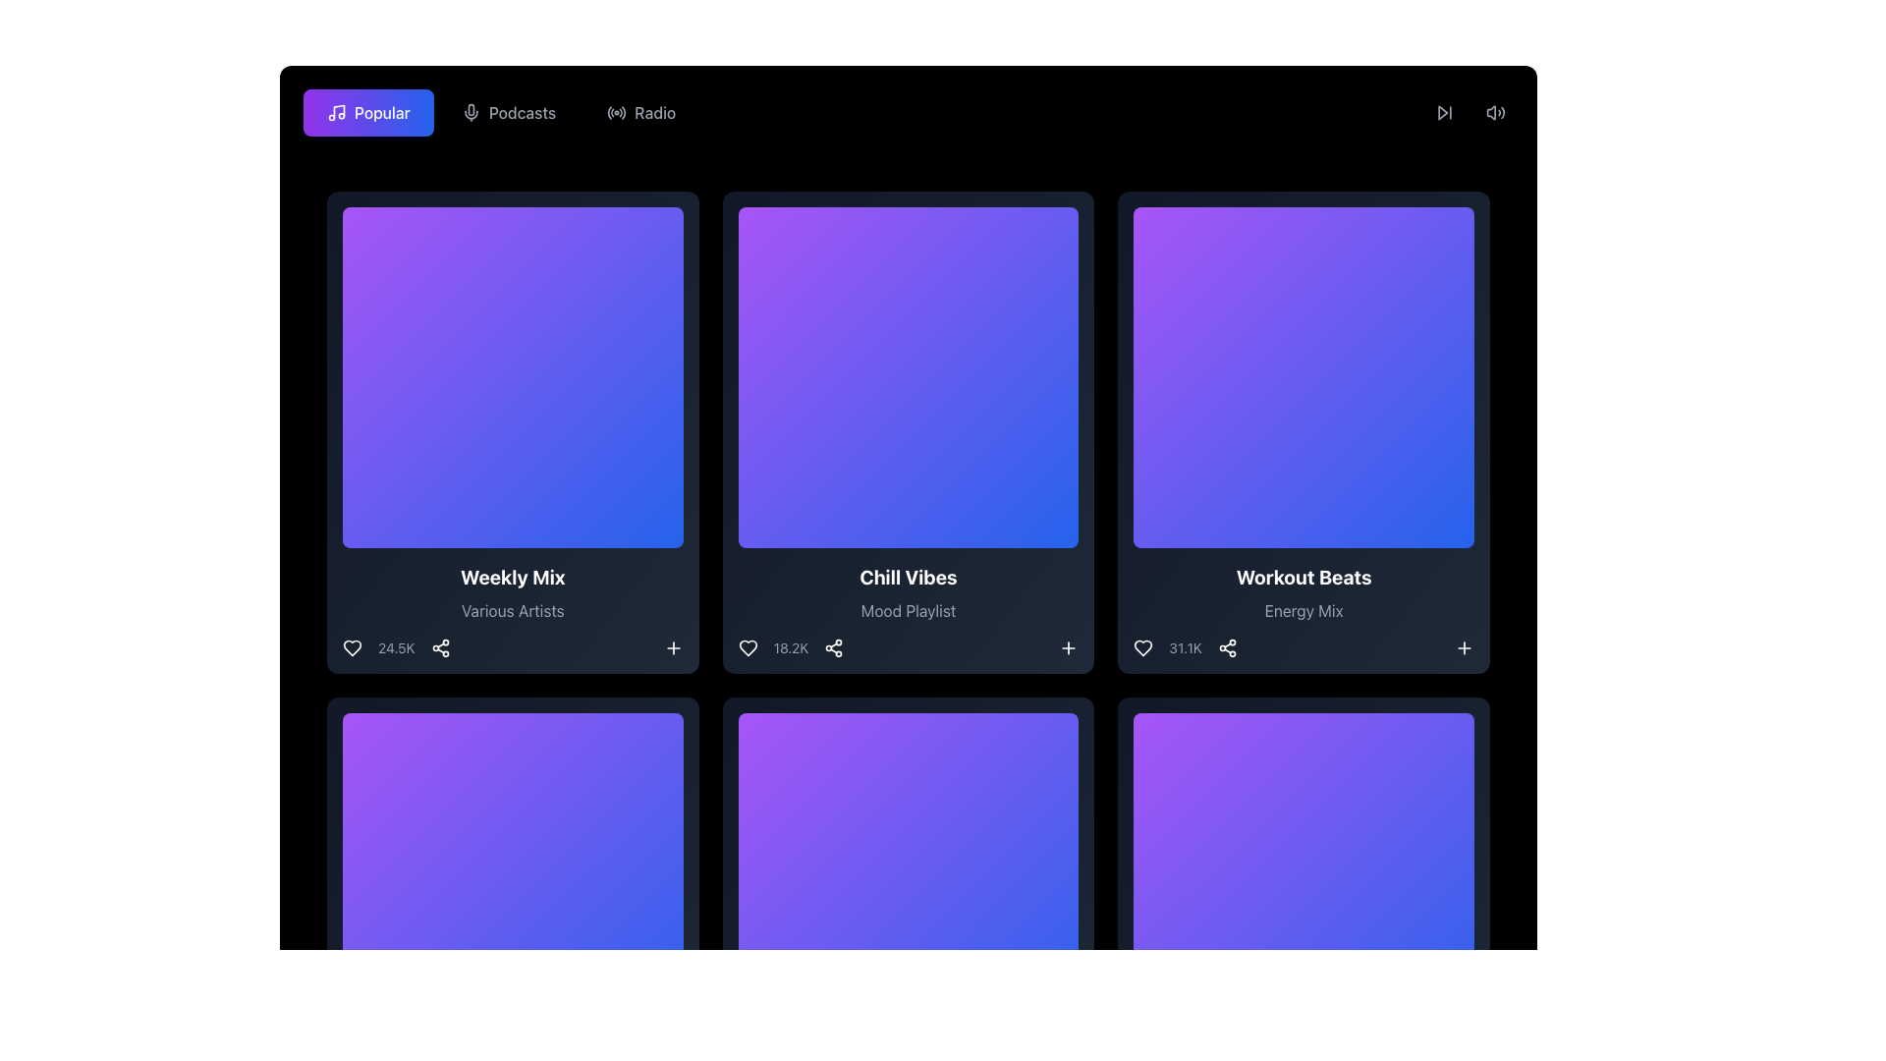  Describe the element at coordinates (470, 113) in the screenshot. I see `the microphone icon in the navigation menu, which is positioned to the left of the 'Podcasts' text and styled in a minimalist line art design` at that location.